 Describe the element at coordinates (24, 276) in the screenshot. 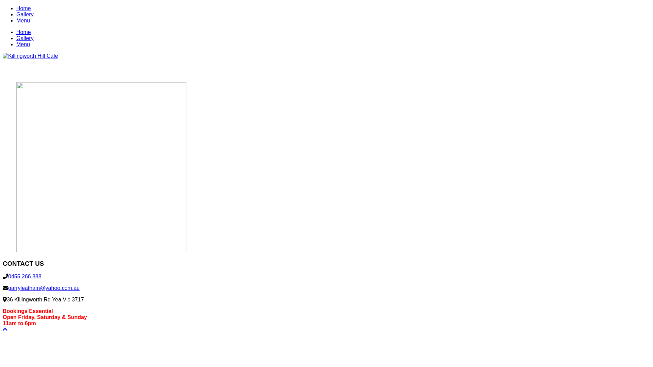

I see `'0455 266 888'` at that location.